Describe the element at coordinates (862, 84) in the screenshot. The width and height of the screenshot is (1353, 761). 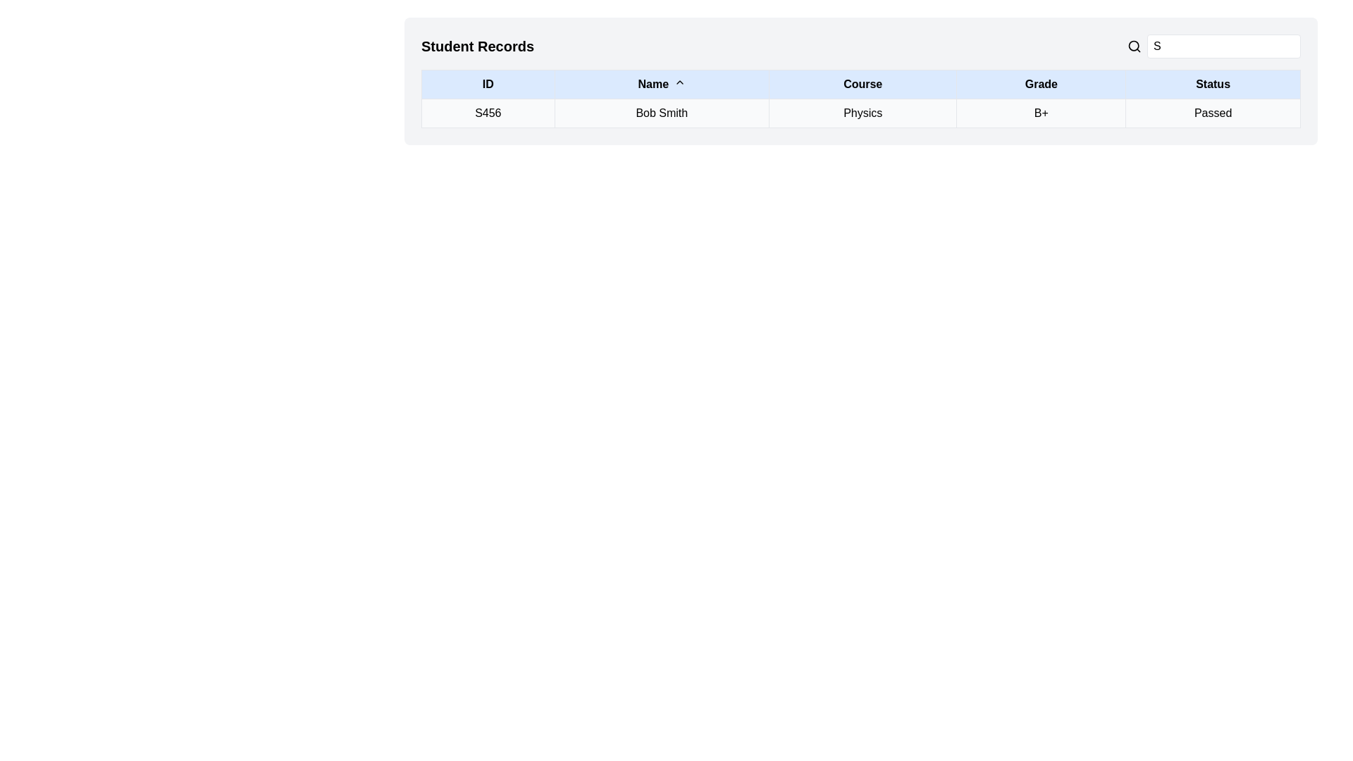
I see `the 'Course' column header, which is the third header in the student record table, positioned between 'Name' and 'Grade'` at that location.